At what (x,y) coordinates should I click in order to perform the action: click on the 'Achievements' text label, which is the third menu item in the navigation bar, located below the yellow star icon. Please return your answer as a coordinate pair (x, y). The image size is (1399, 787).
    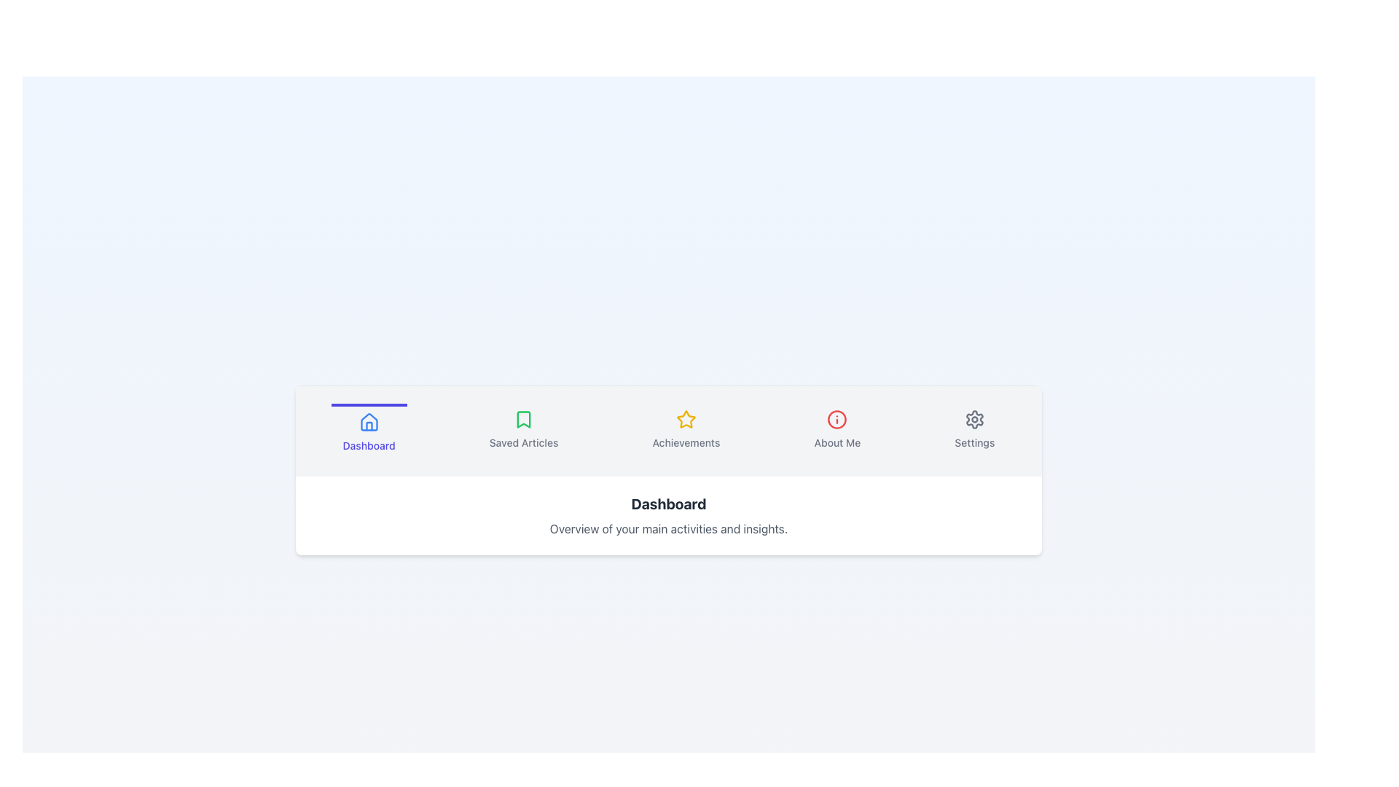
    Looking at the image, I should click on (685, 442).